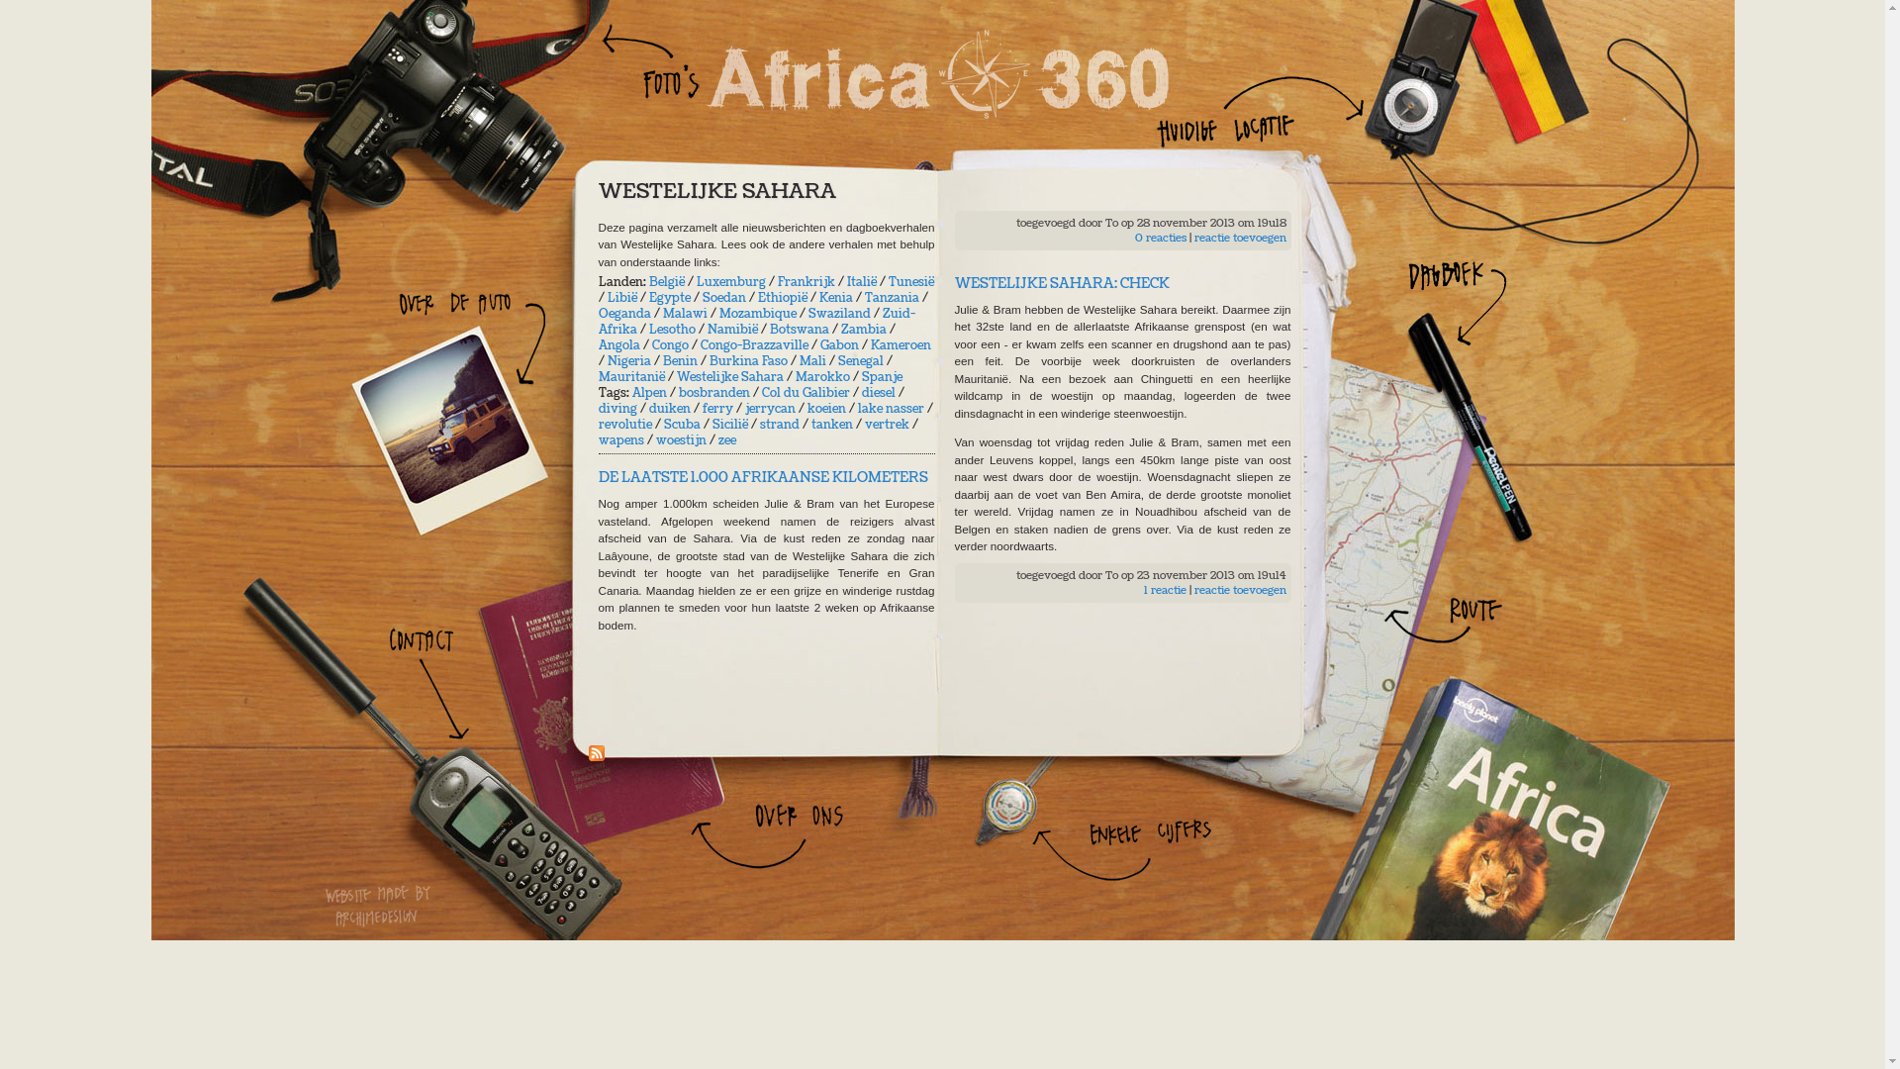  What do you see at coordinates (886, 423) in the screenshot?
I see `'vertrek'` at bounding box center [886, 423].